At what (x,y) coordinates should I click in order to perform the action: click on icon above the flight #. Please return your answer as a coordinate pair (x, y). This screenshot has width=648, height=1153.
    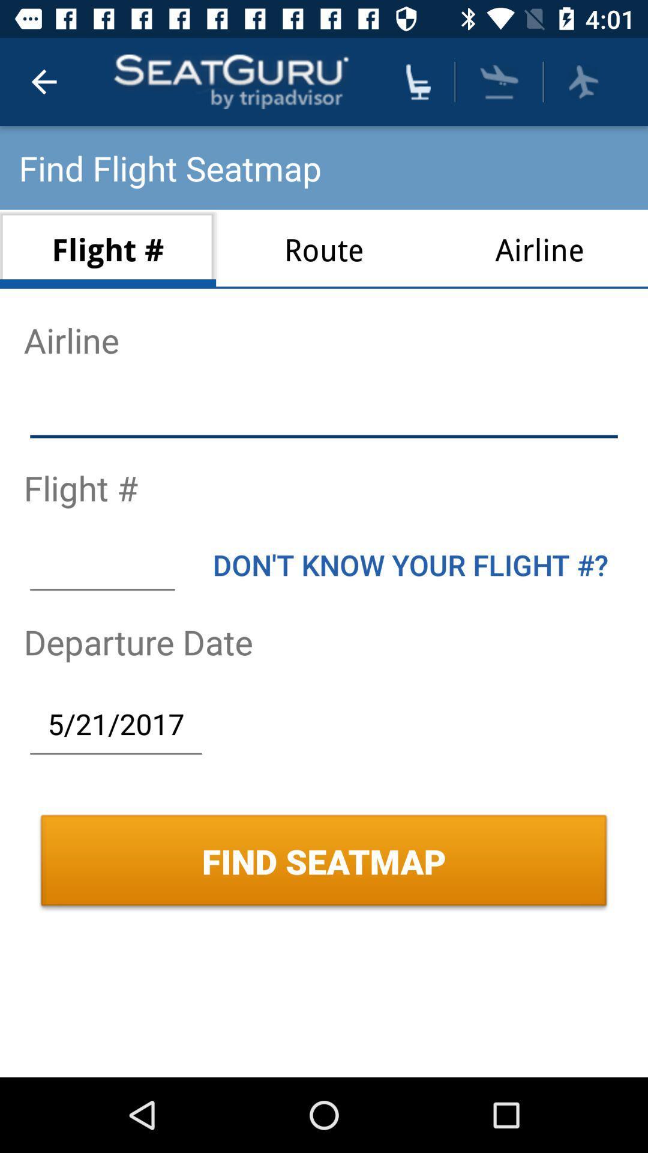
    Looking at the image, I should click on (324, 414).